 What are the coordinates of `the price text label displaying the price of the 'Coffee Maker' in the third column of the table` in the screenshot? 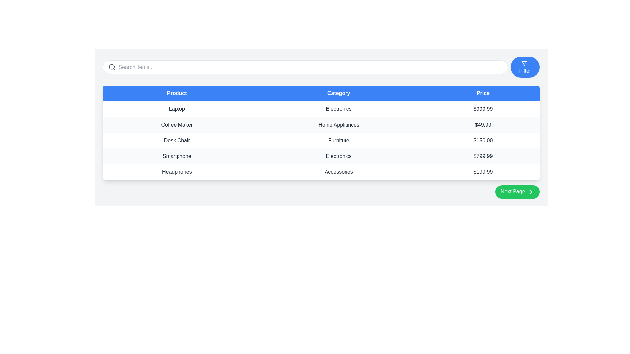 It's located at (483, 125).